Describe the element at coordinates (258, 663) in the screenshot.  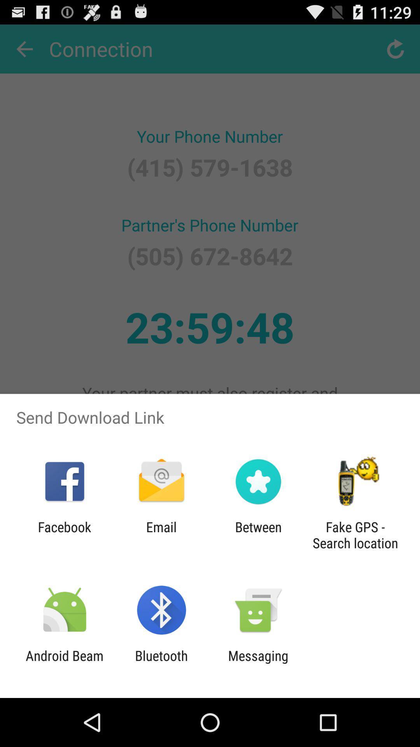
I see `messaging app` at that location.